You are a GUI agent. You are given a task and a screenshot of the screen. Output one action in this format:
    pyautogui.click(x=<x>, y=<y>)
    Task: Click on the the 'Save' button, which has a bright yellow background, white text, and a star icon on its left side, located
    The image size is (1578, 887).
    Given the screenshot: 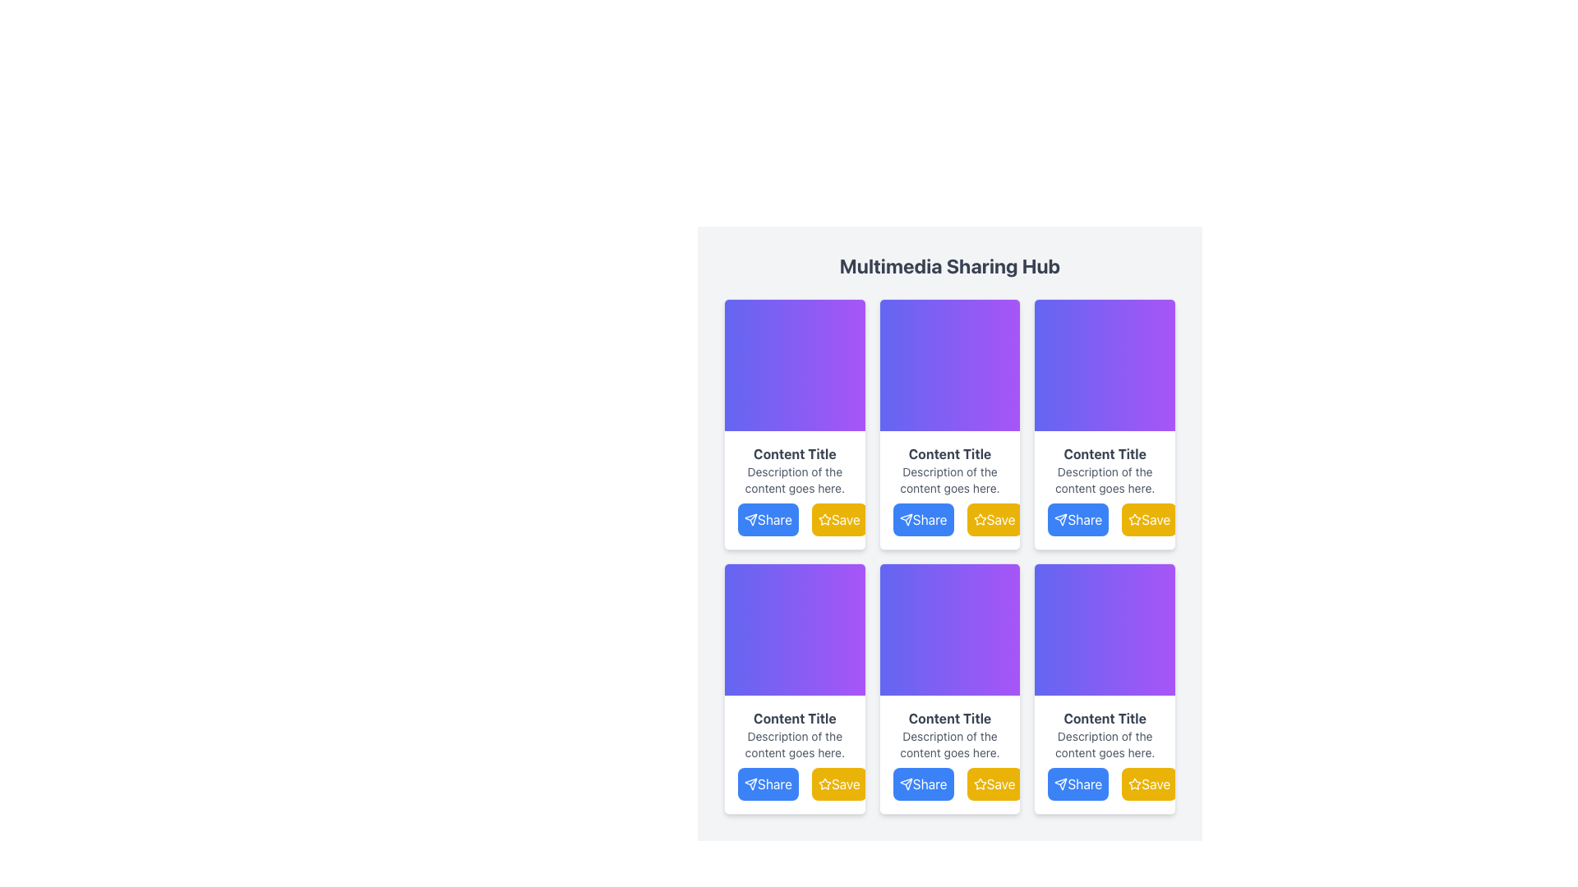 What is the action you would take?
    pyautogui.click(x=1148, y=519)
    